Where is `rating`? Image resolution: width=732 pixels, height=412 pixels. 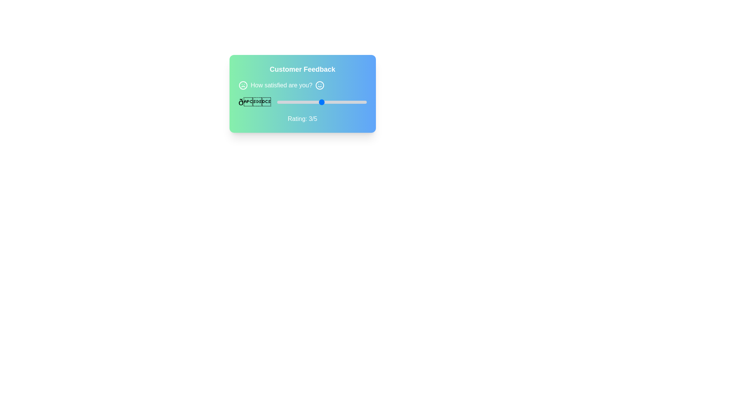
rating is located at coordinates (322, 101).